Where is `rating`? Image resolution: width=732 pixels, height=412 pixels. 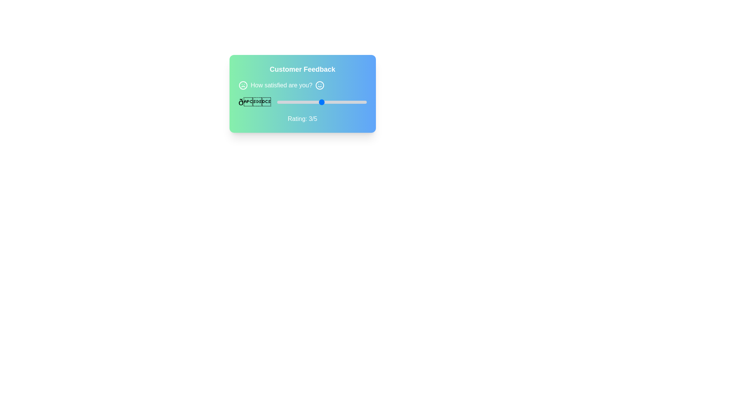
rating is located at coordinates (322, 101).